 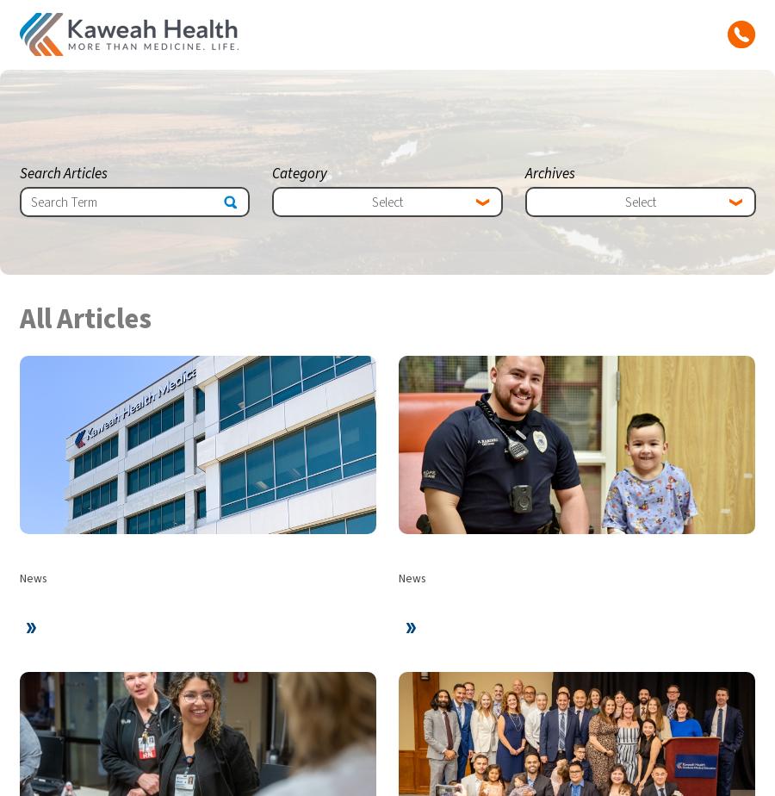 I want to click on 'Careers', so click(x=22, y=147).